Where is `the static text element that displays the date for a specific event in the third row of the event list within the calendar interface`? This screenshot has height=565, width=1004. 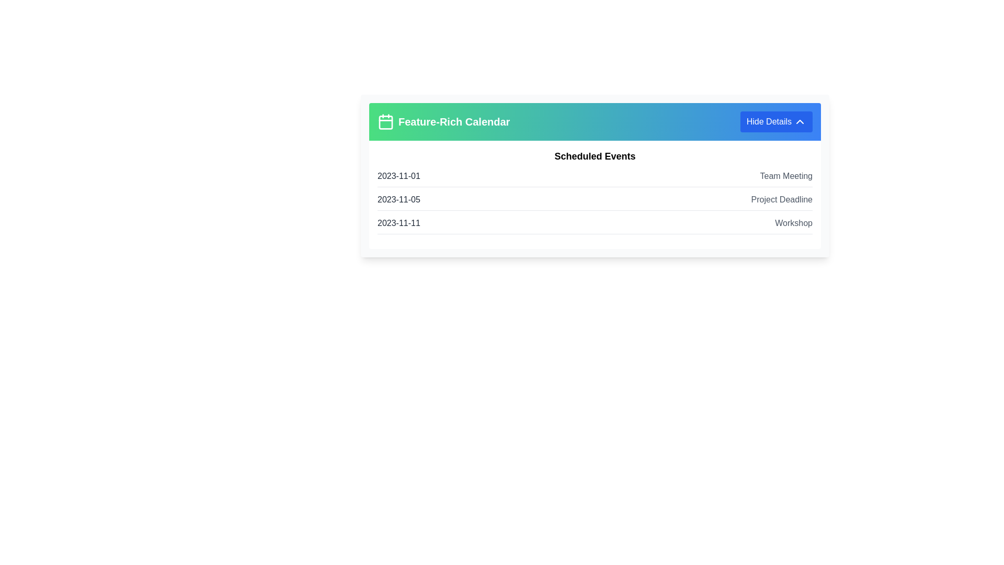
the static text element that displays the date for a specific event in the third row of the event list within the calendar interface is located at coordinates (398, 223).